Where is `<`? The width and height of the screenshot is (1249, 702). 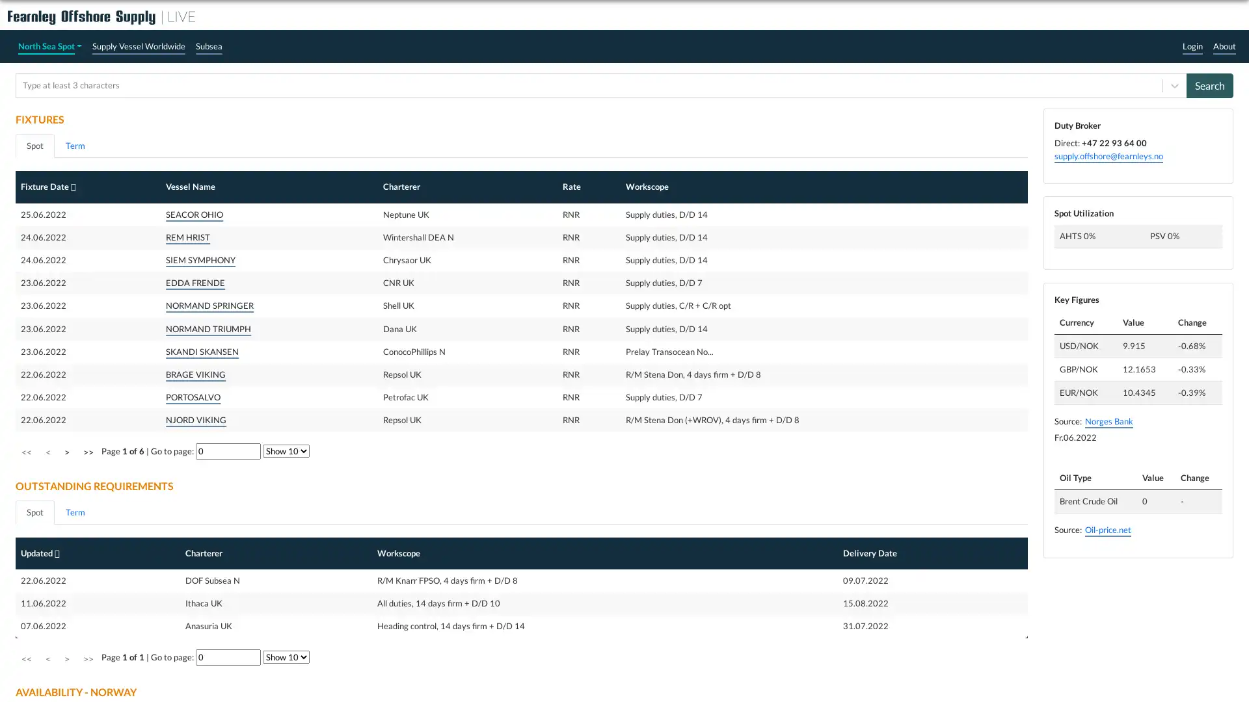 < is located at coordinates (47, 658).